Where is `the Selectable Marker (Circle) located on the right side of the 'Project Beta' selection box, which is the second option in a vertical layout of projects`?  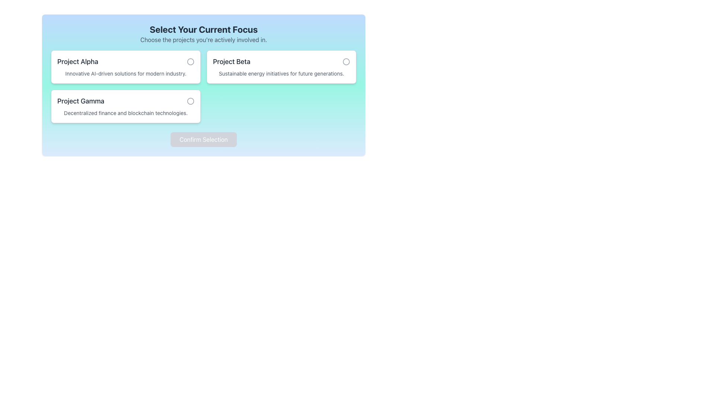
the Selectable Marker (Circle) located on the right side of the 'Project Beta' selection box, which is the second option in a vertical layout of projects is located at coordinates (346, 61).